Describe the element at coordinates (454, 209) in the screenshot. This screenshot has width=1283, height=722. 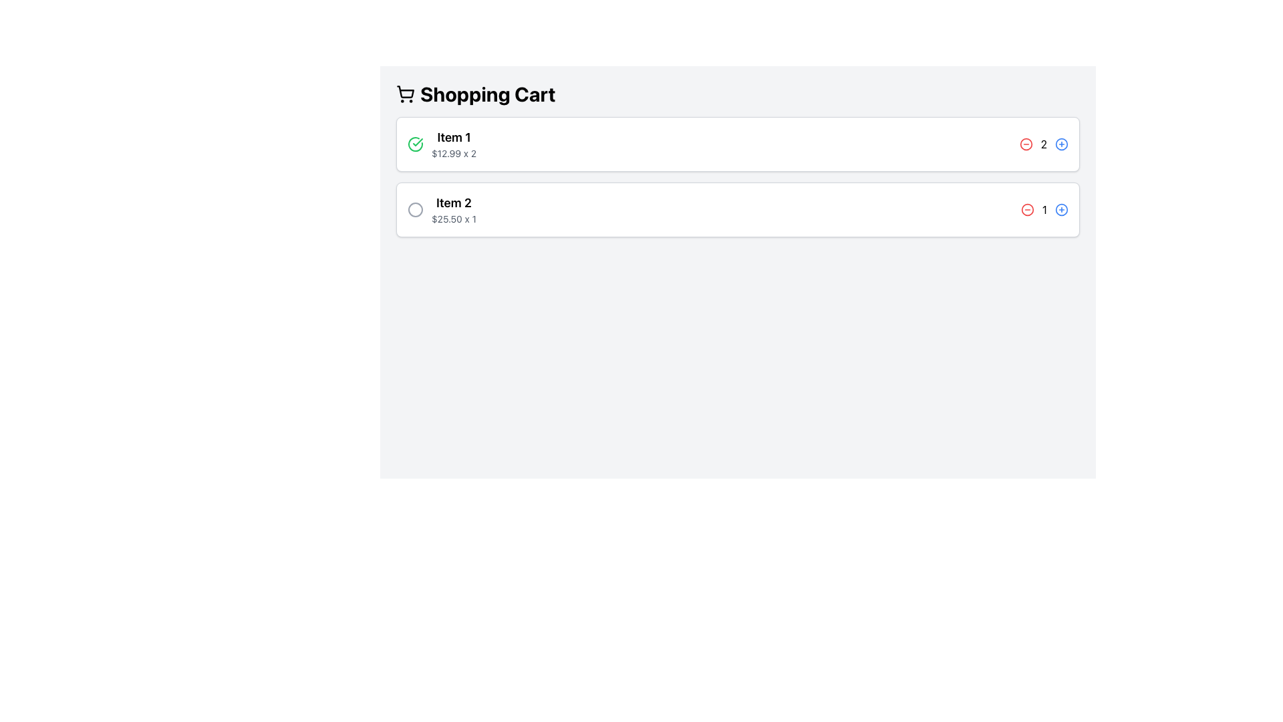
I see `the second text block in the shopping cart interface that provides information about an item, including its name and price` at that location.